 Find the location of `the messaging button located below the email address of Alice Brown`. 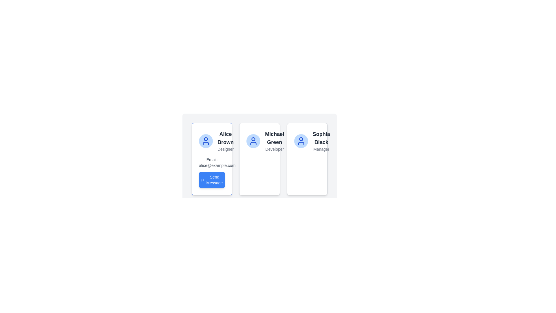

the messaging button located below the email address of Alice Brown is located at coordinates (214, 180).